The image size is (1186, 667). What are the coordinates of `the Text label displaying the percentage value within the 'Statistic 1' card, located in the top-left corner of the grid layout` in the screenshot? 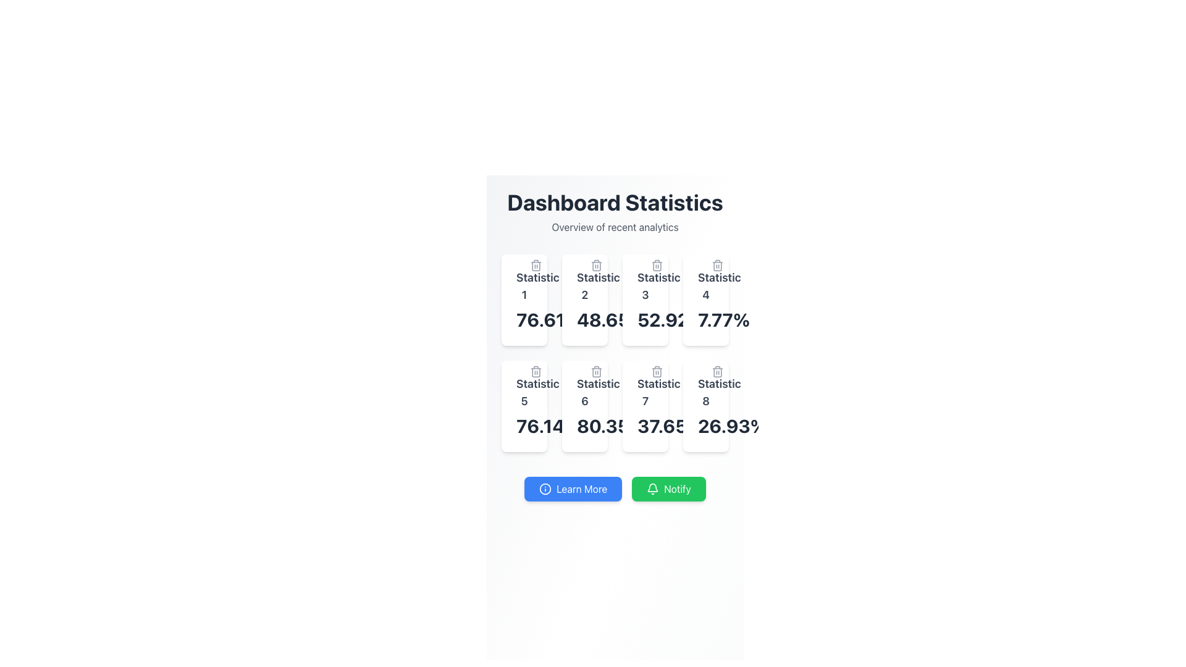 It's located at (524, 319).